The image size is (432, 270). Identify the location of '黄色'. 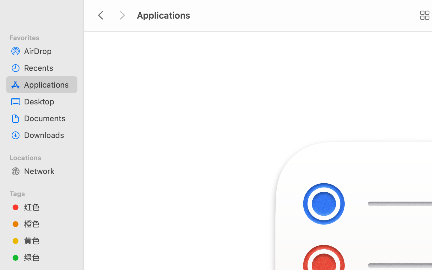
(48, 240).